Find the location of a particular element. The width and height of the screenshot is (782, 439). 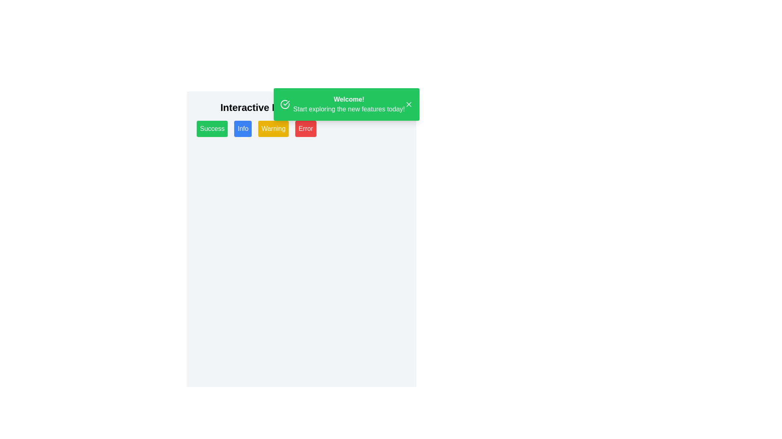

the 'Warning' button, which is the third button in a row of four buttons labeled 'Success,' 'Info,' 'Warning,' and 'Error' is located at coordinates (273, 128).